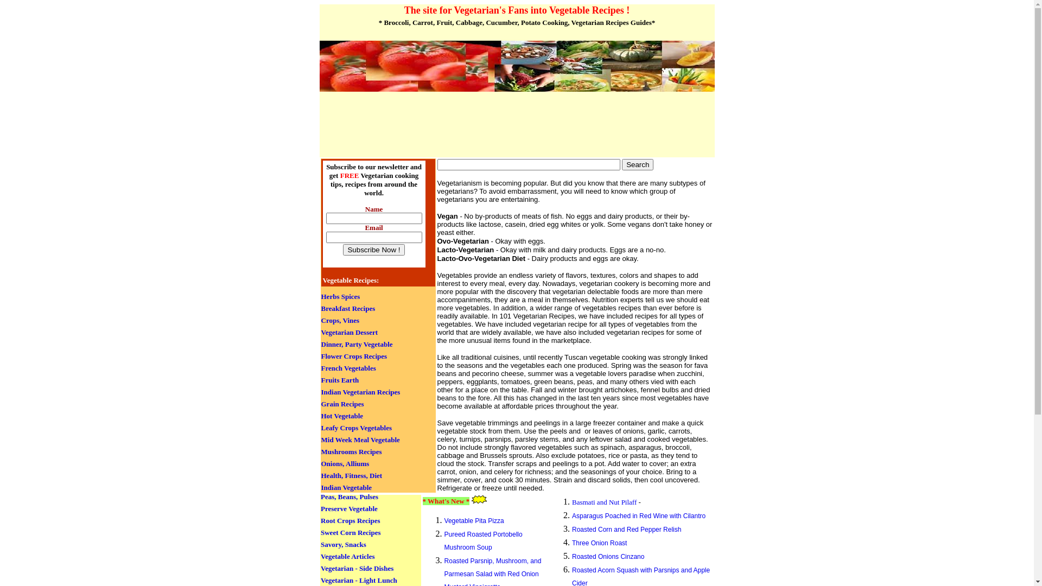 The height and width of the screenshot is (586, 1042). Describe the element at coordinates (361, 392) in the screenshot. I see `'Indian Vegetarian Recipes'` at that location.